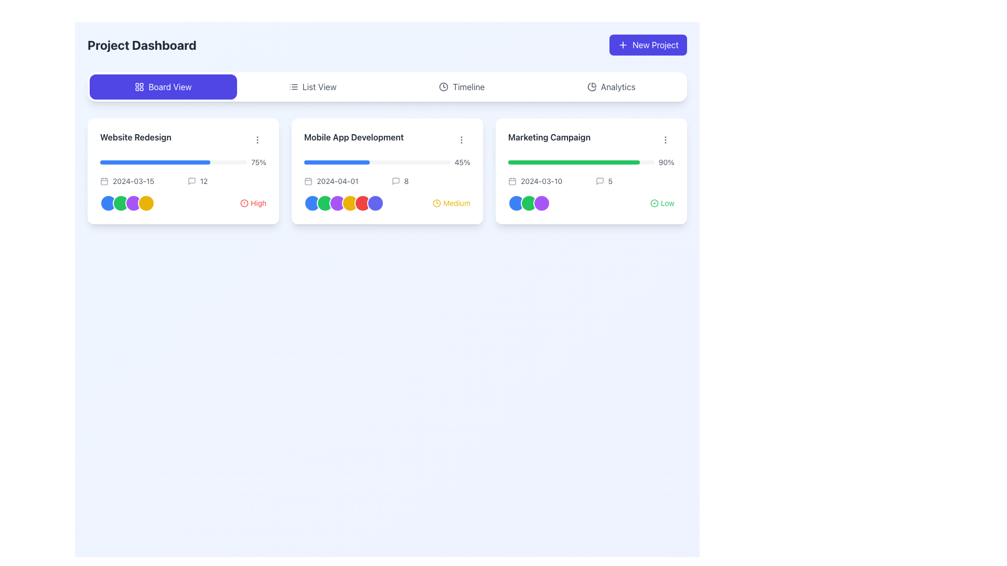 The width and height of the screenshot is (1007, 566). What do you see at coordinates (655, 44) in the screenshot?
I see `the 'New Project' text label within the button located in the top-right region of the interface, which has a blue background and a '+' icon to its left` at bounding box center [655, 44].